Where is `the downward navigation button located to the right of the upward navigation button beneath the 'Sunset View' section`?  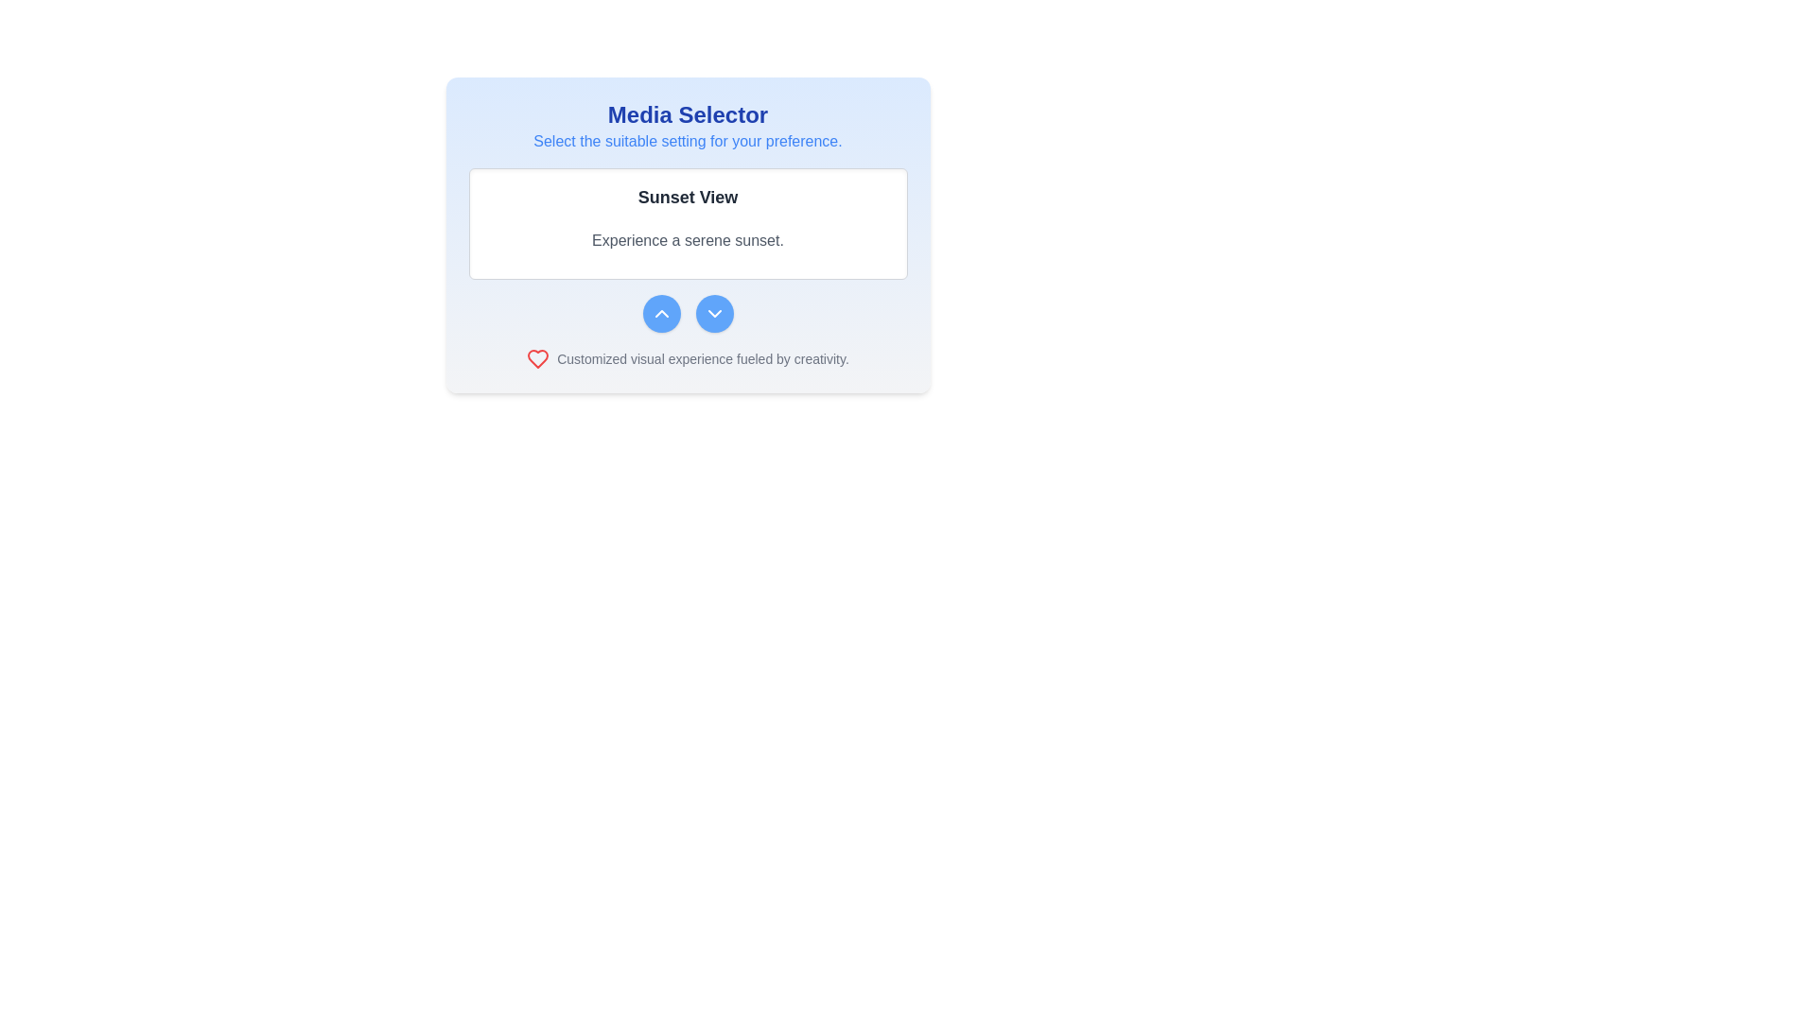
the downward navigation button located to the right of the upward navigation button beneath the 'Sunset View' section is located at coordinates (713, 312).